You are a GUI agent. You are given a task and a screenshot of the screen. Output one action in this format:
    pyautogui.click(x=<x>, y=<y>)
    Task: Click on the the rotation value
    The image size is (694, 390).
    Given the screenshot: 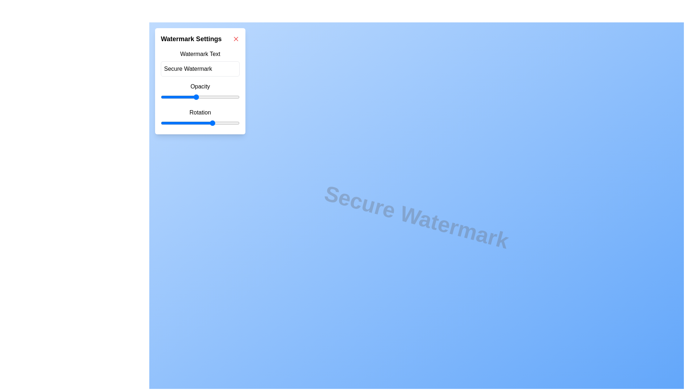 What is the action you would take?
    pyautogui.click(x=175, y=122)
    